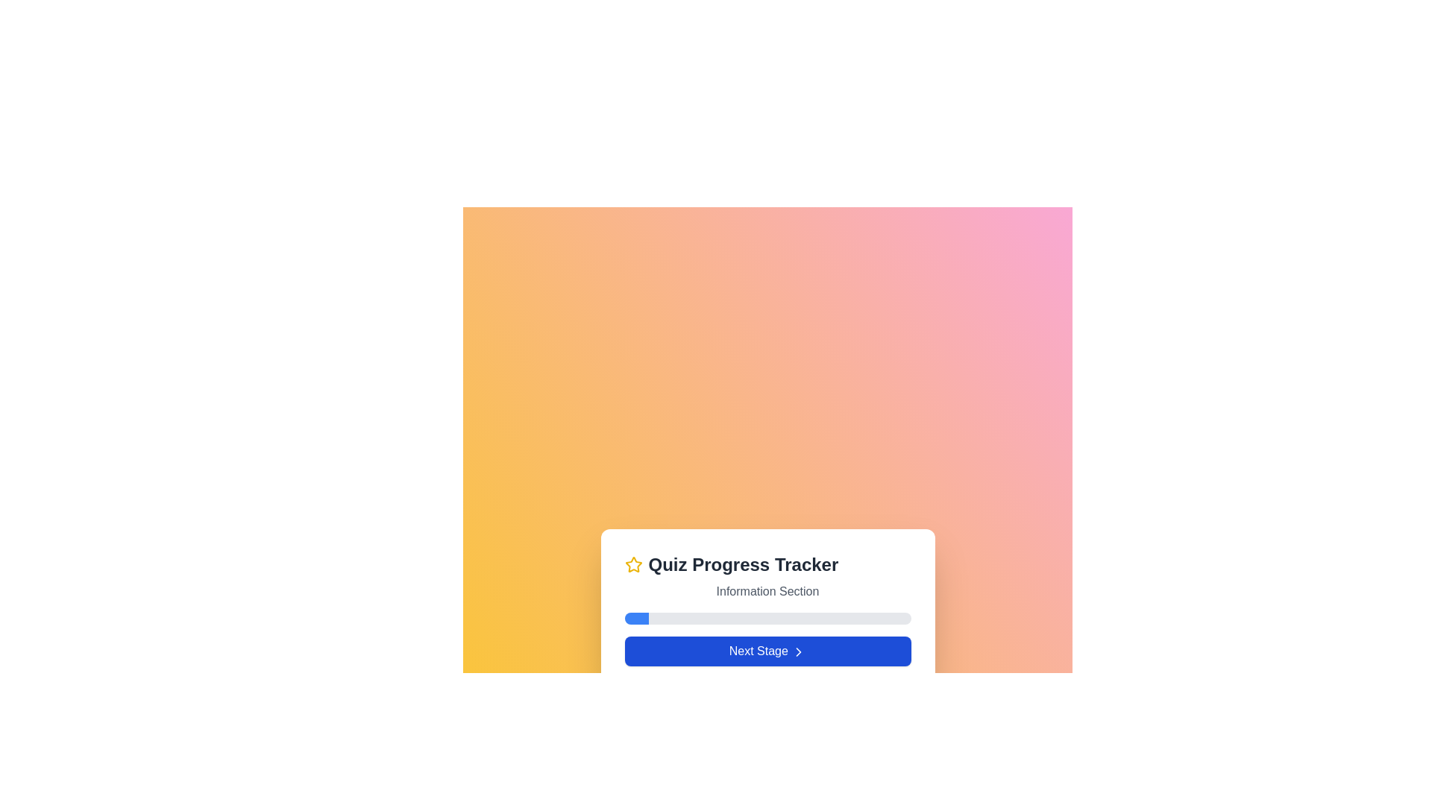 This screenshot has height=805, width=1432. What do you see at coordinates (767, 576) in the screenshot?
I see `the Informational Header displaying 'Quiz Progress Tracker' with a star icon on the left` at bounding box center [767, 576].